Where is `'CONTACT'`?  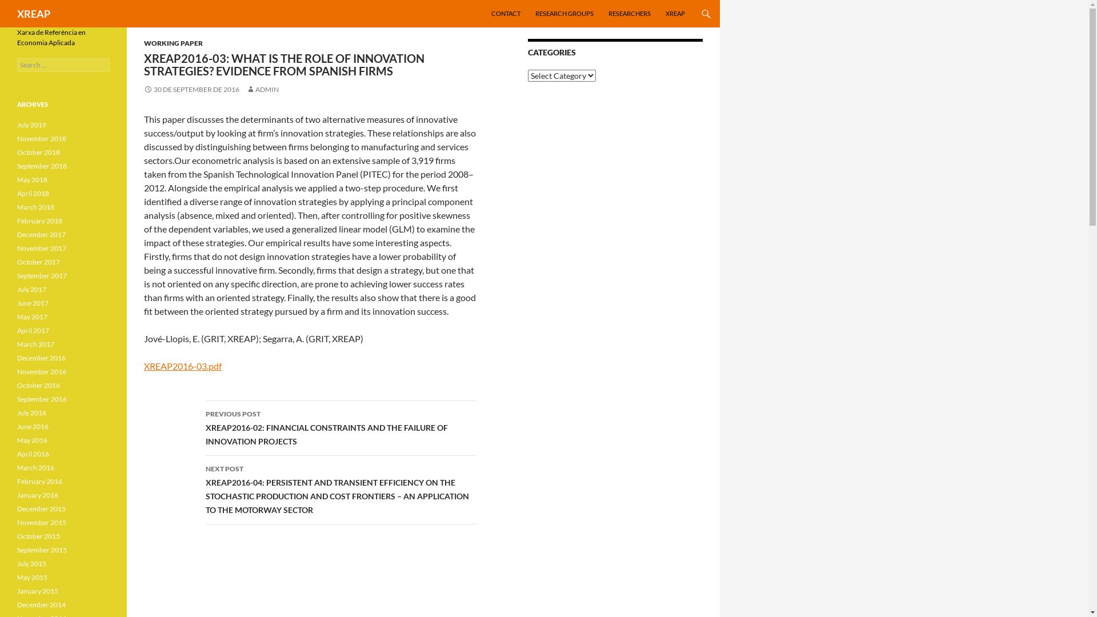 'CONTACT' is located at coordinates (505, 13).